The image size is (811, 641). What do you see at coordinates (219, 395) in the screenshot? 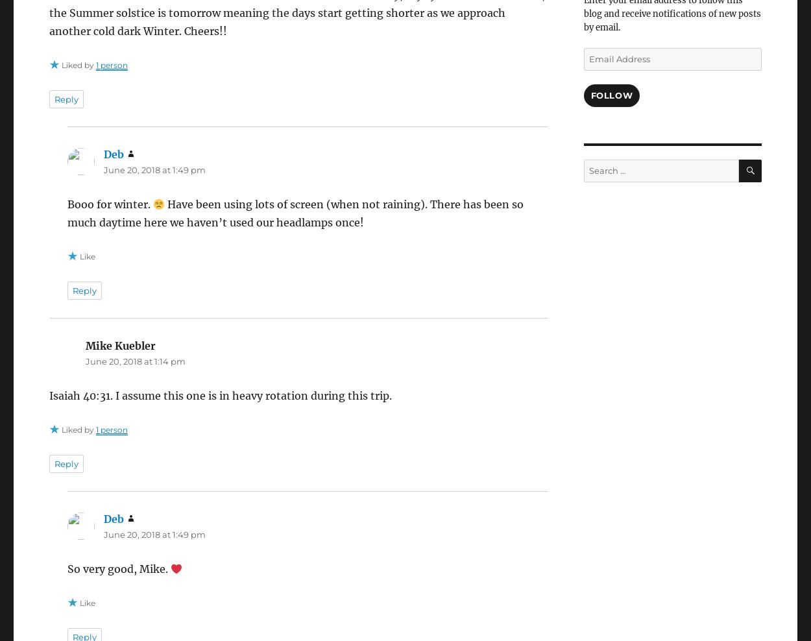
I see `'Isaiah 40:31.  I assume this one is in heavy rotation during this trip.'` at bounding box center [219, 395].